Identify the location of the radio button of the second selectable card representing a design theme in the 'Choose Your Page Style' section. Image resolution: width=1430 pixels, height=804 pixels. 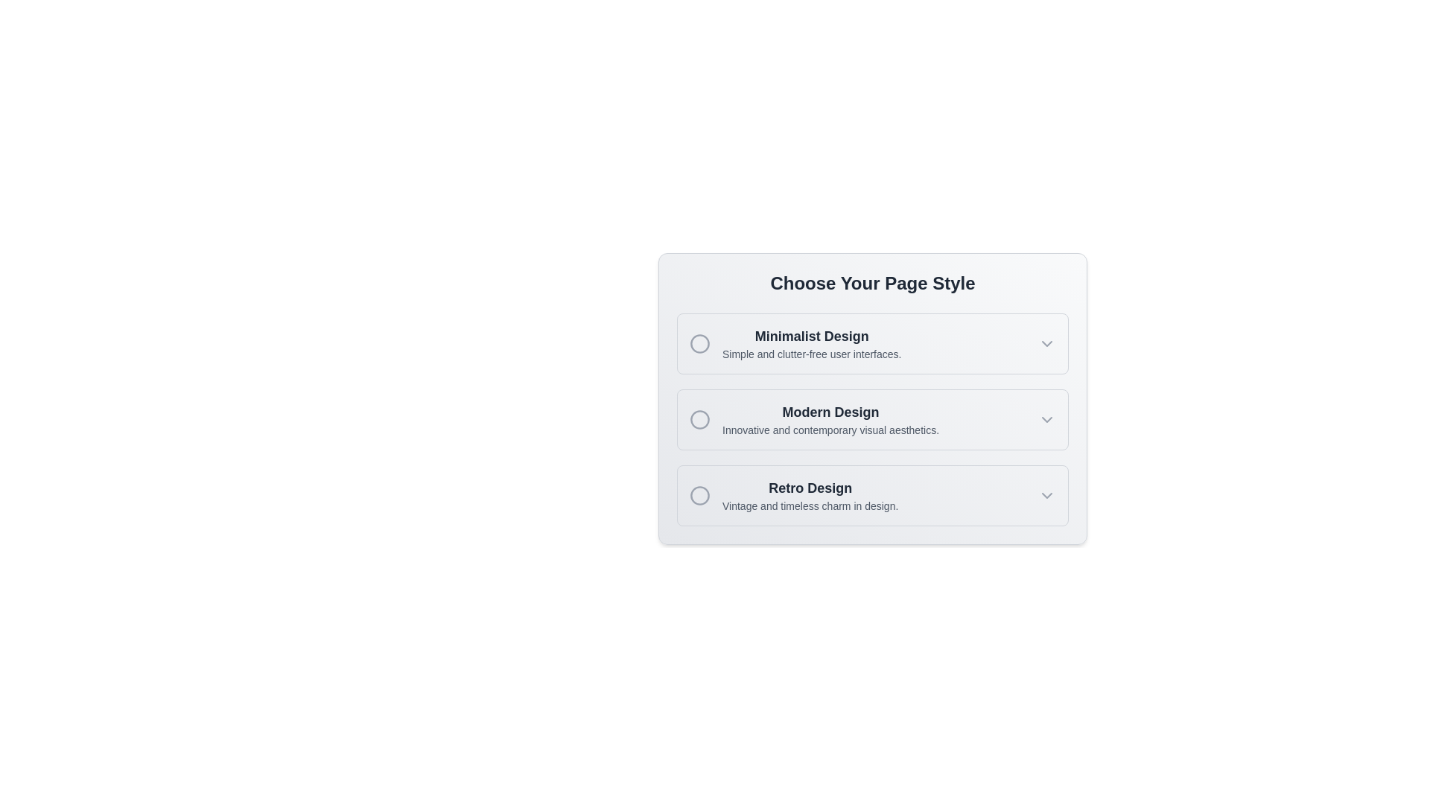
(872, 419).